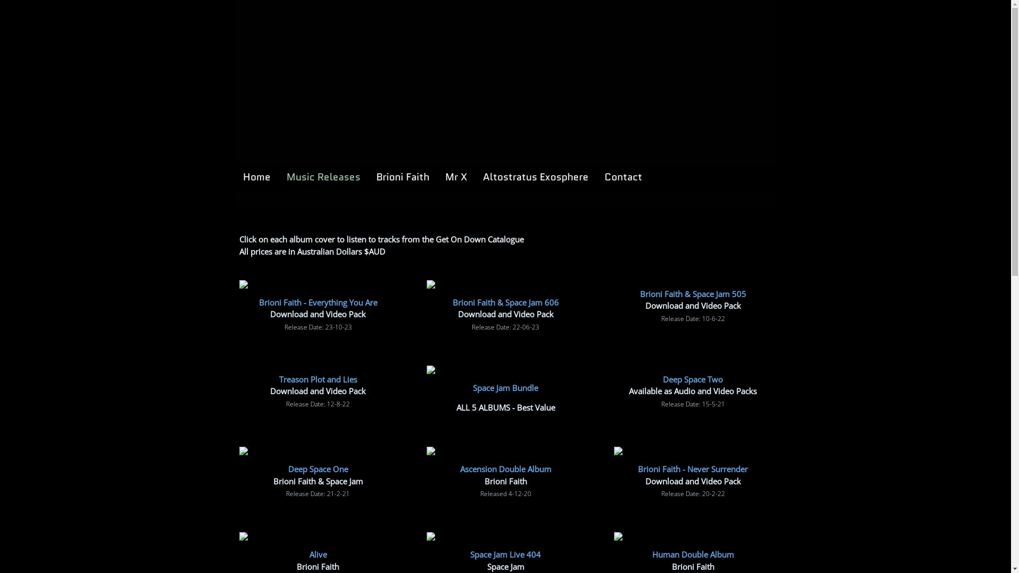  I want to click on 'Contact', so click(623, 177).